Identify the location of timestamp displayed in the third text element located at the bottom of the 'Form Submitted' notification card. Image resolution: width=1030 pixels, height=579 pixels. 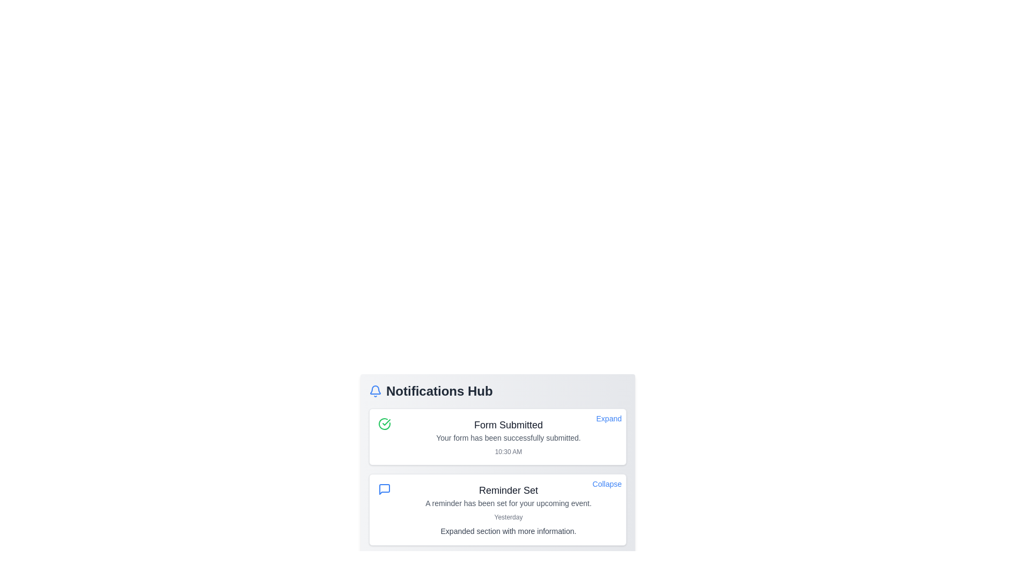
(508, 450).